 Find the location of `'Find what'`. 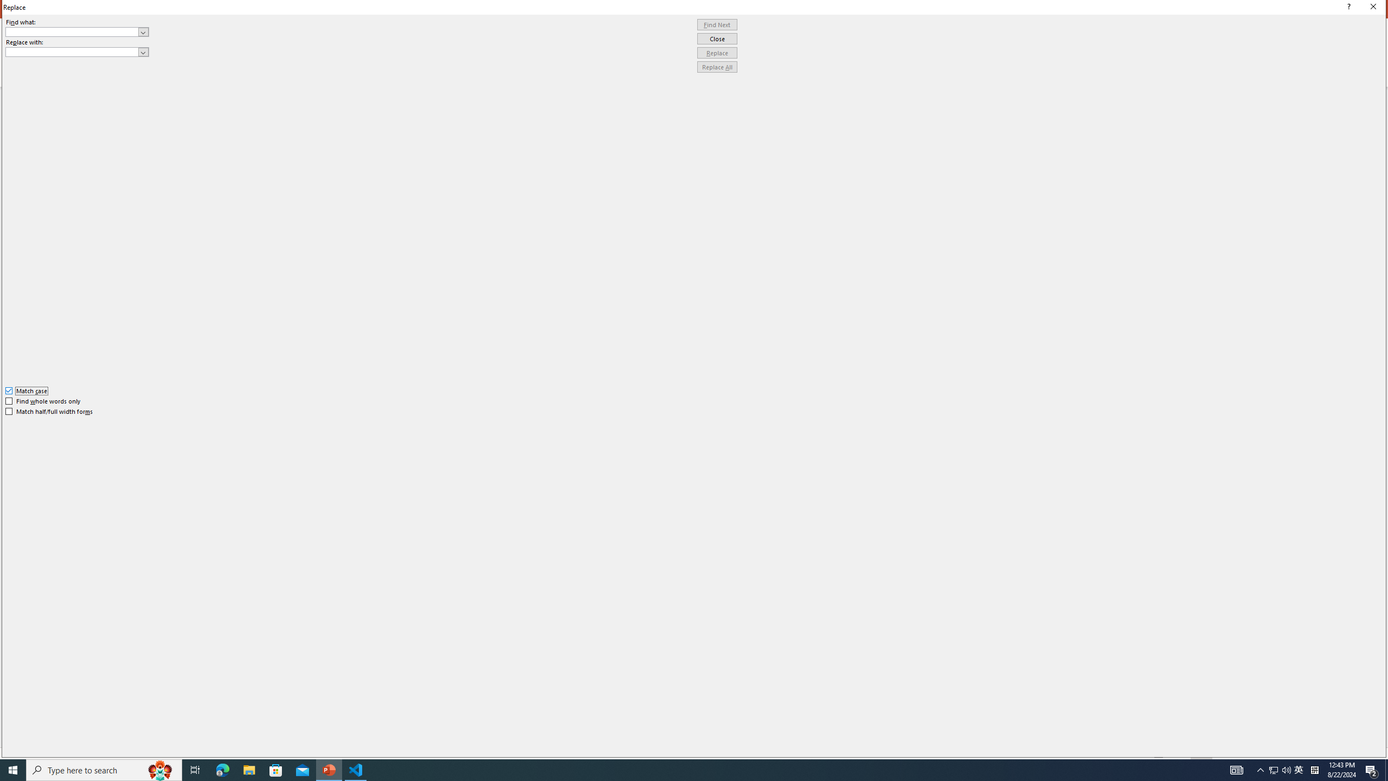

'Find what' is located at coordinates (72, 31).